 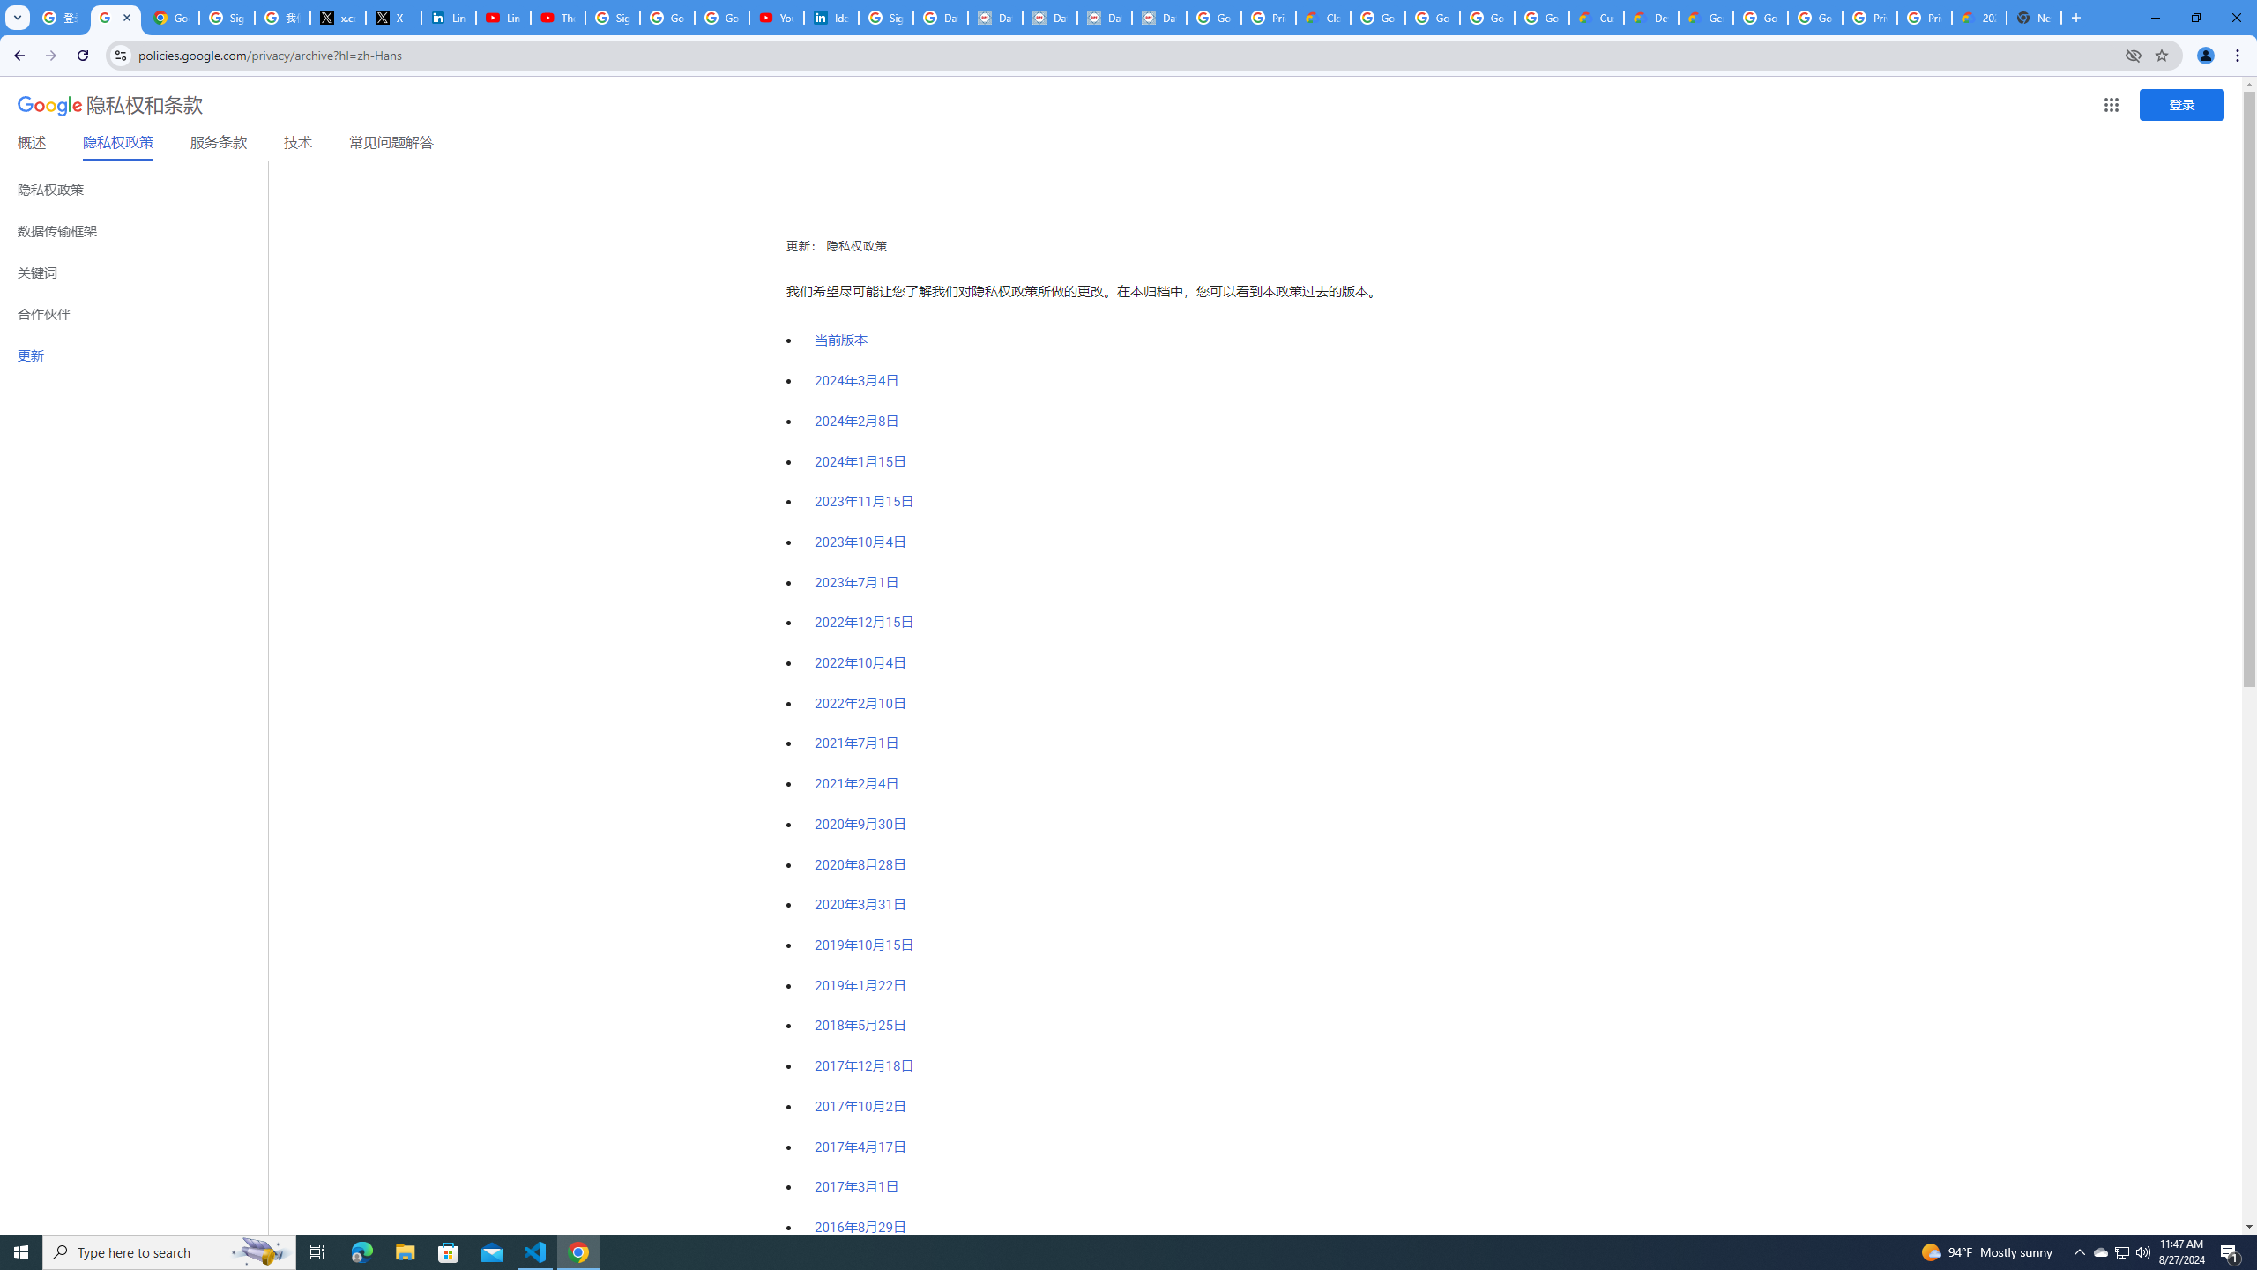 I want to click on 'Google Cloud Platform', so click(x=1760, y=17).